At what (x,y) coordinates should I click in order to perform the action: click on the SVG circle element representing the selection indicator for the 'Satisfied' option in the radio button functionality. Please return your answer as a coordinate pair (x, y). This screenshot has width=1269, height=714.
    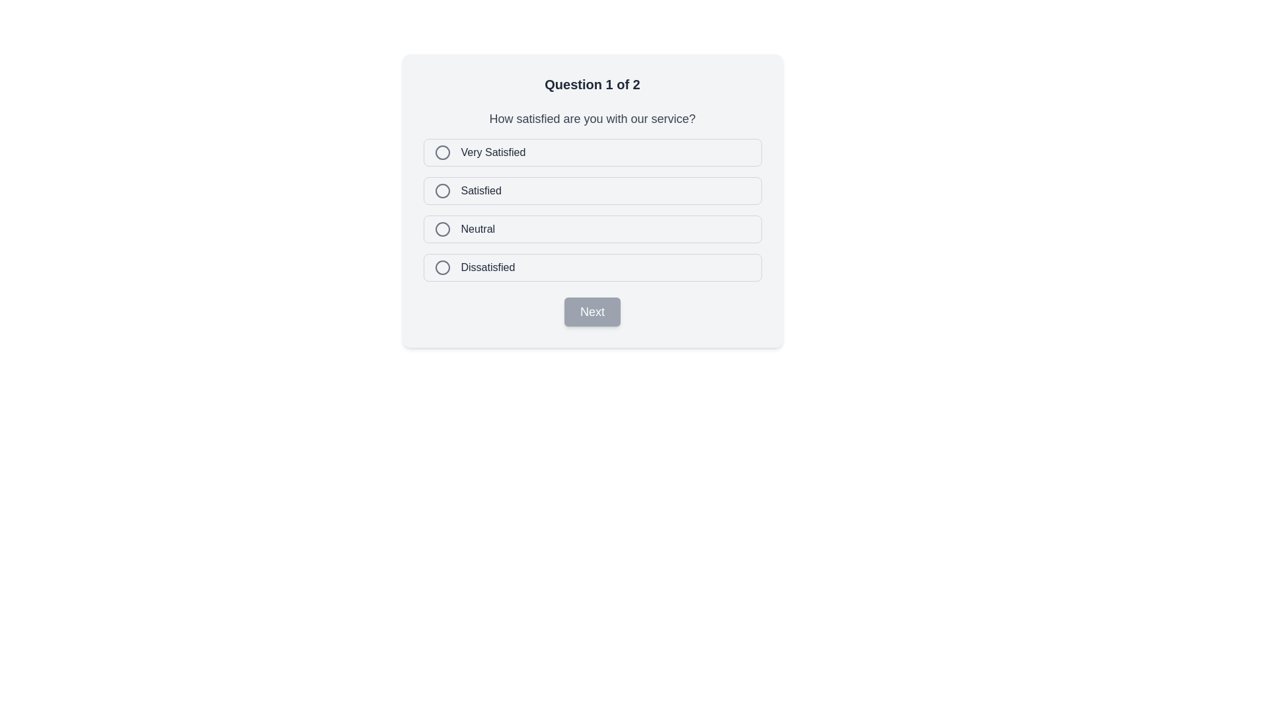
    Looking at the image, I should click on (442, 191).